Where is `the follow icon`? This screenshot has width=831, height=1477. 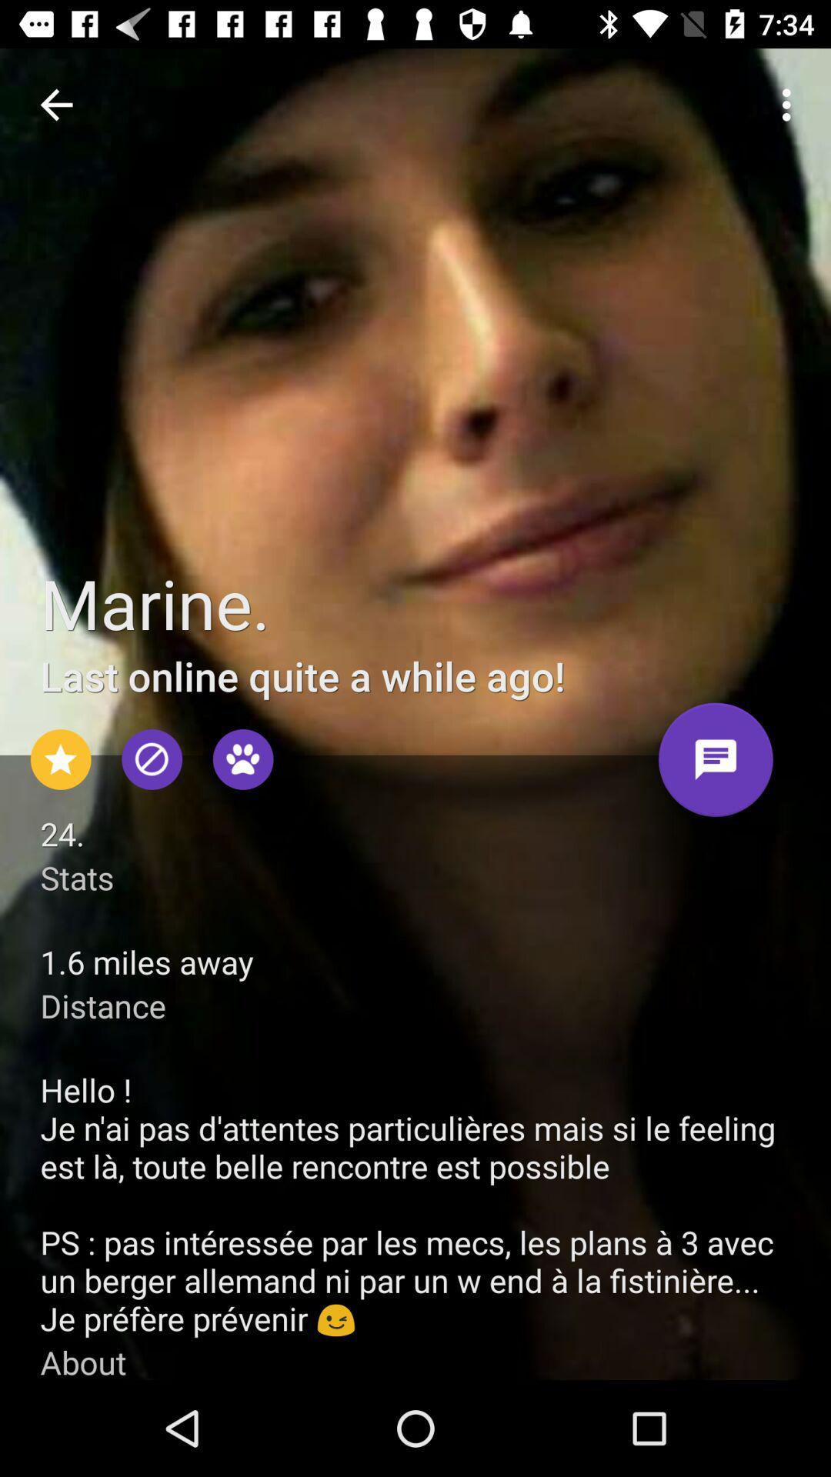 the follow icon is located at coordinates (242, 759).